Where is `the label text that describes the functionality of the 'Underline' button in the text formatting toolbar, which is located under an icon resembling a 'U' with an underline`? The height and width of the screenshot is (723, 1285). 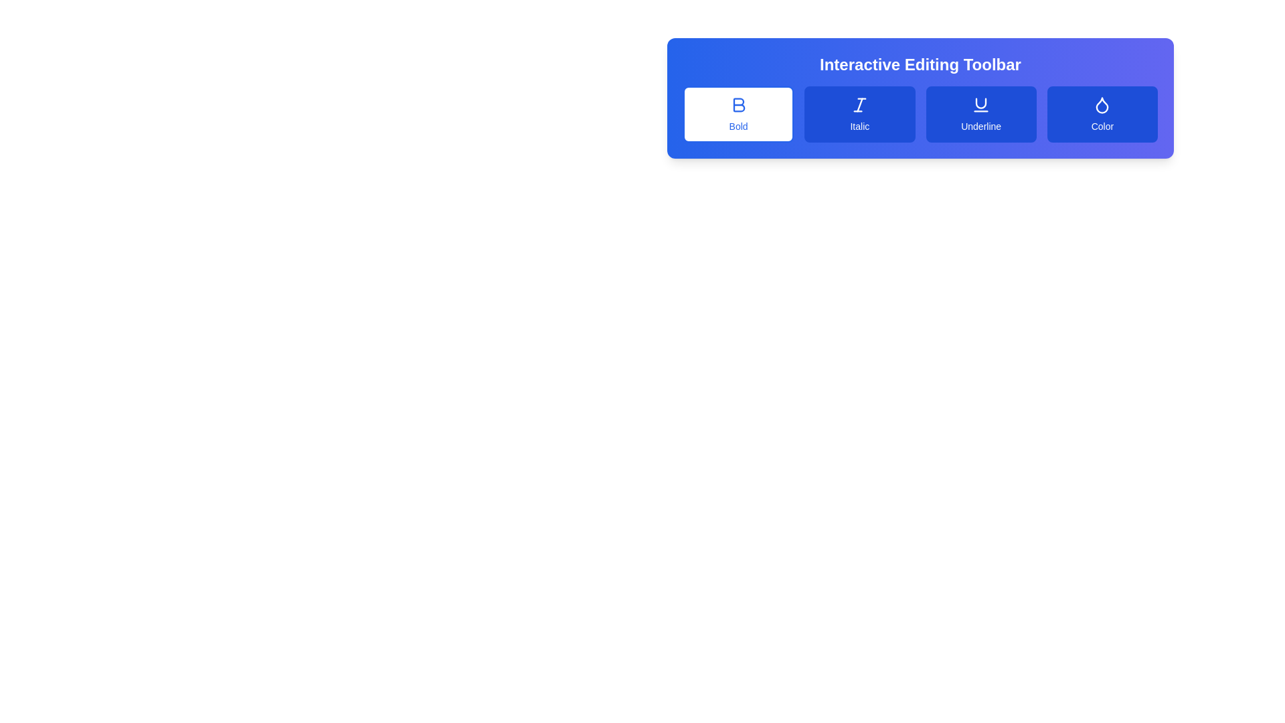 the label text that describes the functionality of the 'Underline' button in the text formatting toolbar, which is located under an icon resembling a 'U' with an underline is located at coordinates (981, 127).